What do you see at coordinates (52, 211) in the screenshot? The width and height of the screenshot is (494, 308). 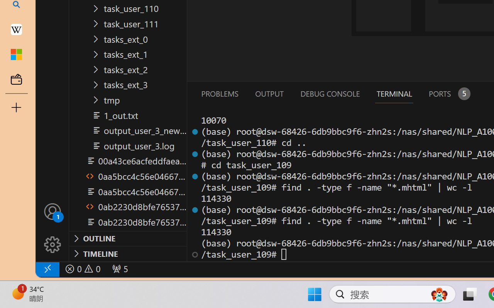 I see `'Accounts - Sign in requested'` at bounding box center [52, 211].